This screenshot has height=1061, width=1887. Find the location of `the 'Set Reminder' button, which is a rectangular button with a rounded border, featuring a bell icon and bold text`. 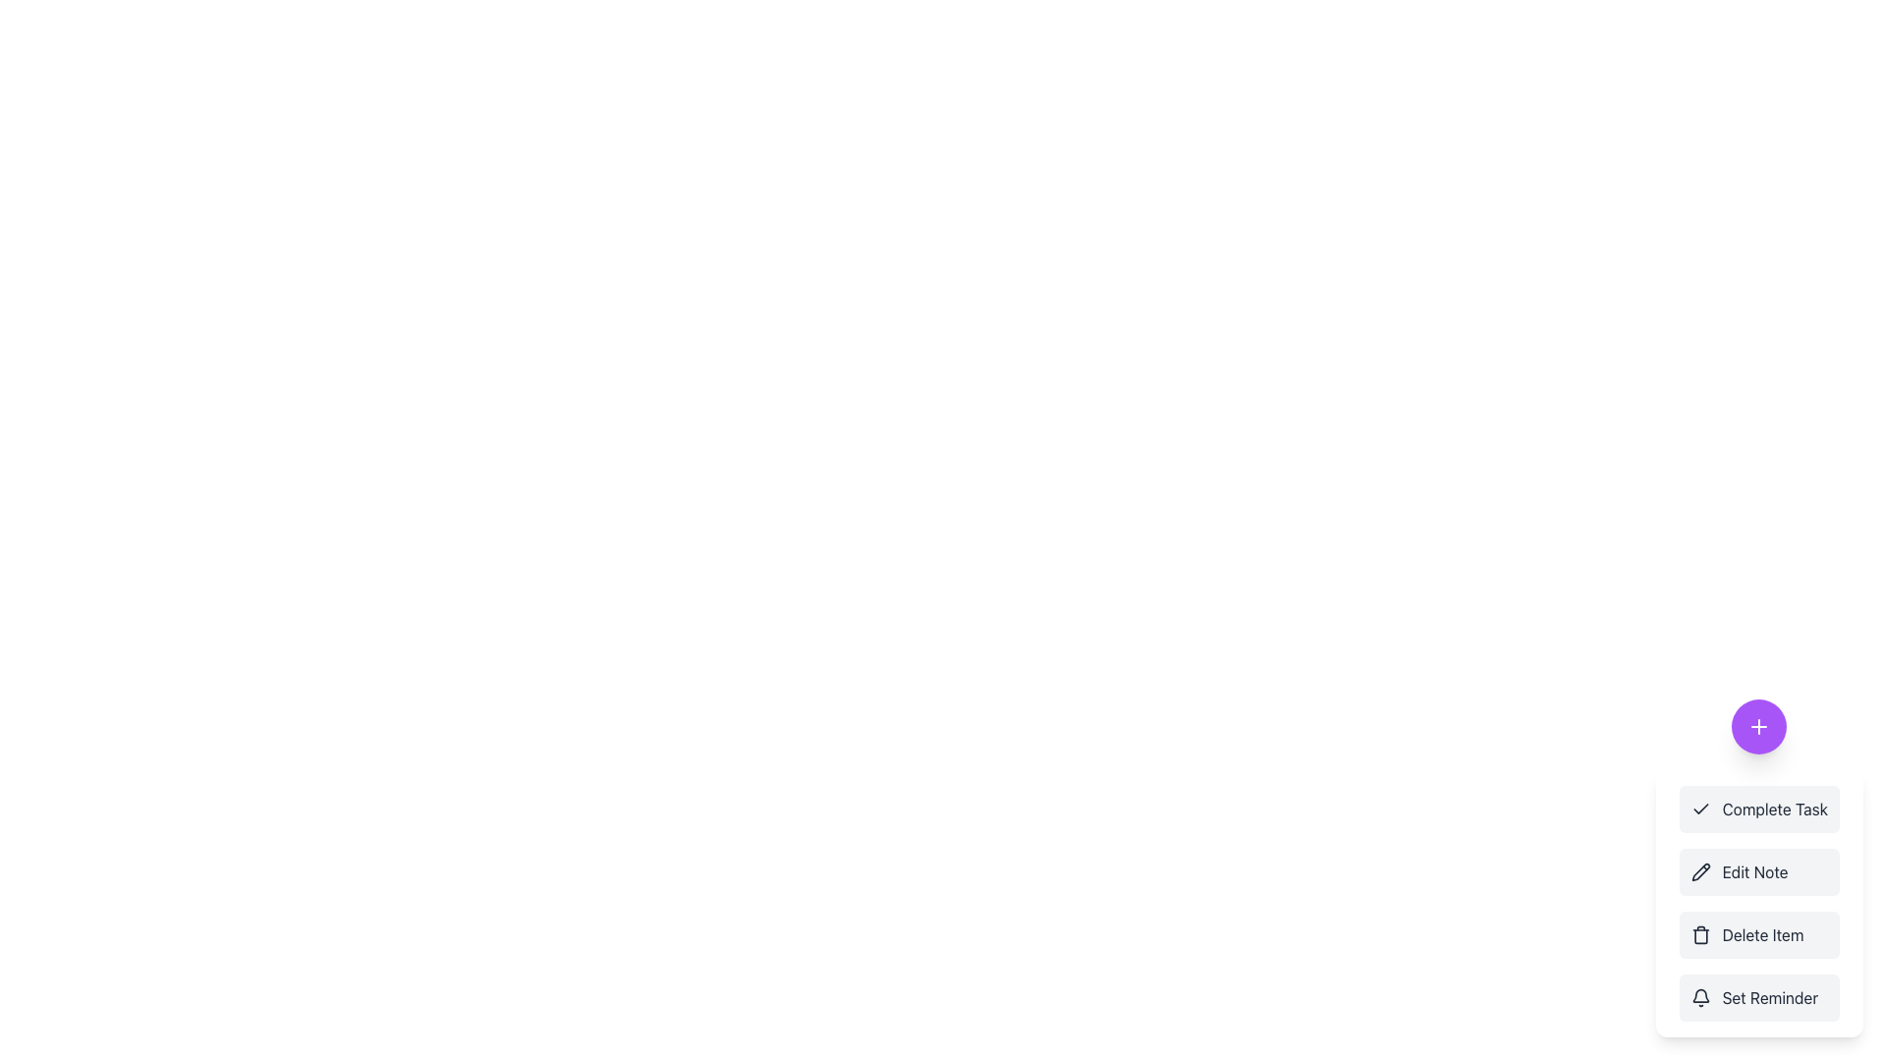

the 'Set Reminder' button, which is a rectangular button with a rounded border, featuring a bell icon and bold text is located at coordinates (1759, 997).